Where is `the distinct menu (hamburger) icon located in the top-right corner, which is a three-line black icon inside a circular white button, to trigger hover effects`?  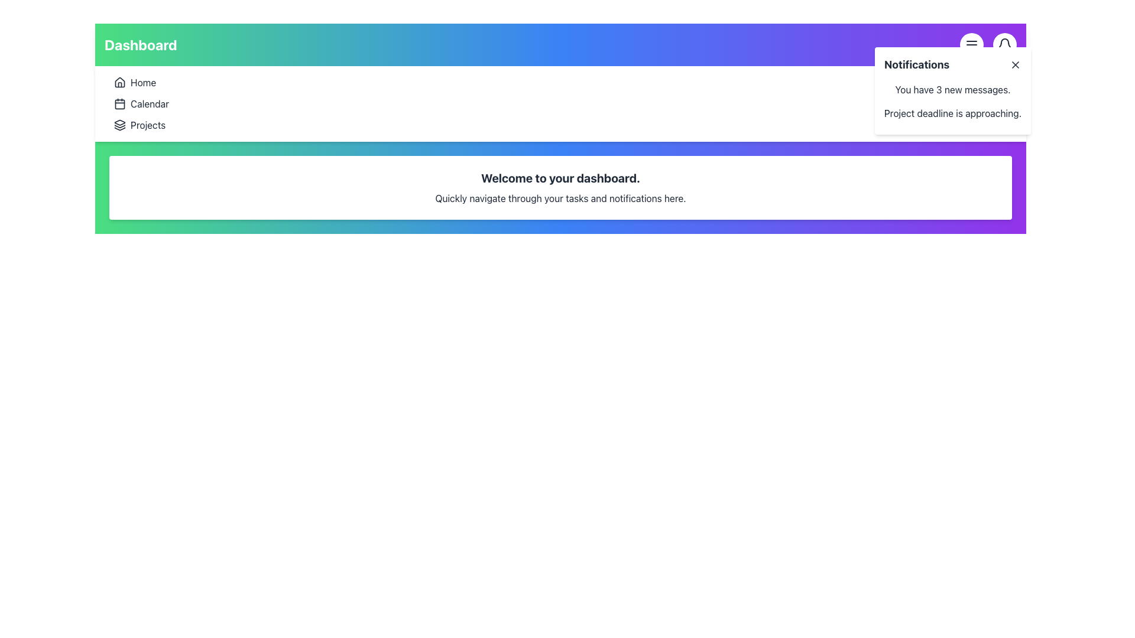 the distinct menu (hamburger) icon located in the top-right corner, which is a three-line black icon inside a circular white button, to trigger hover effects is located at coordinates (971, 44).